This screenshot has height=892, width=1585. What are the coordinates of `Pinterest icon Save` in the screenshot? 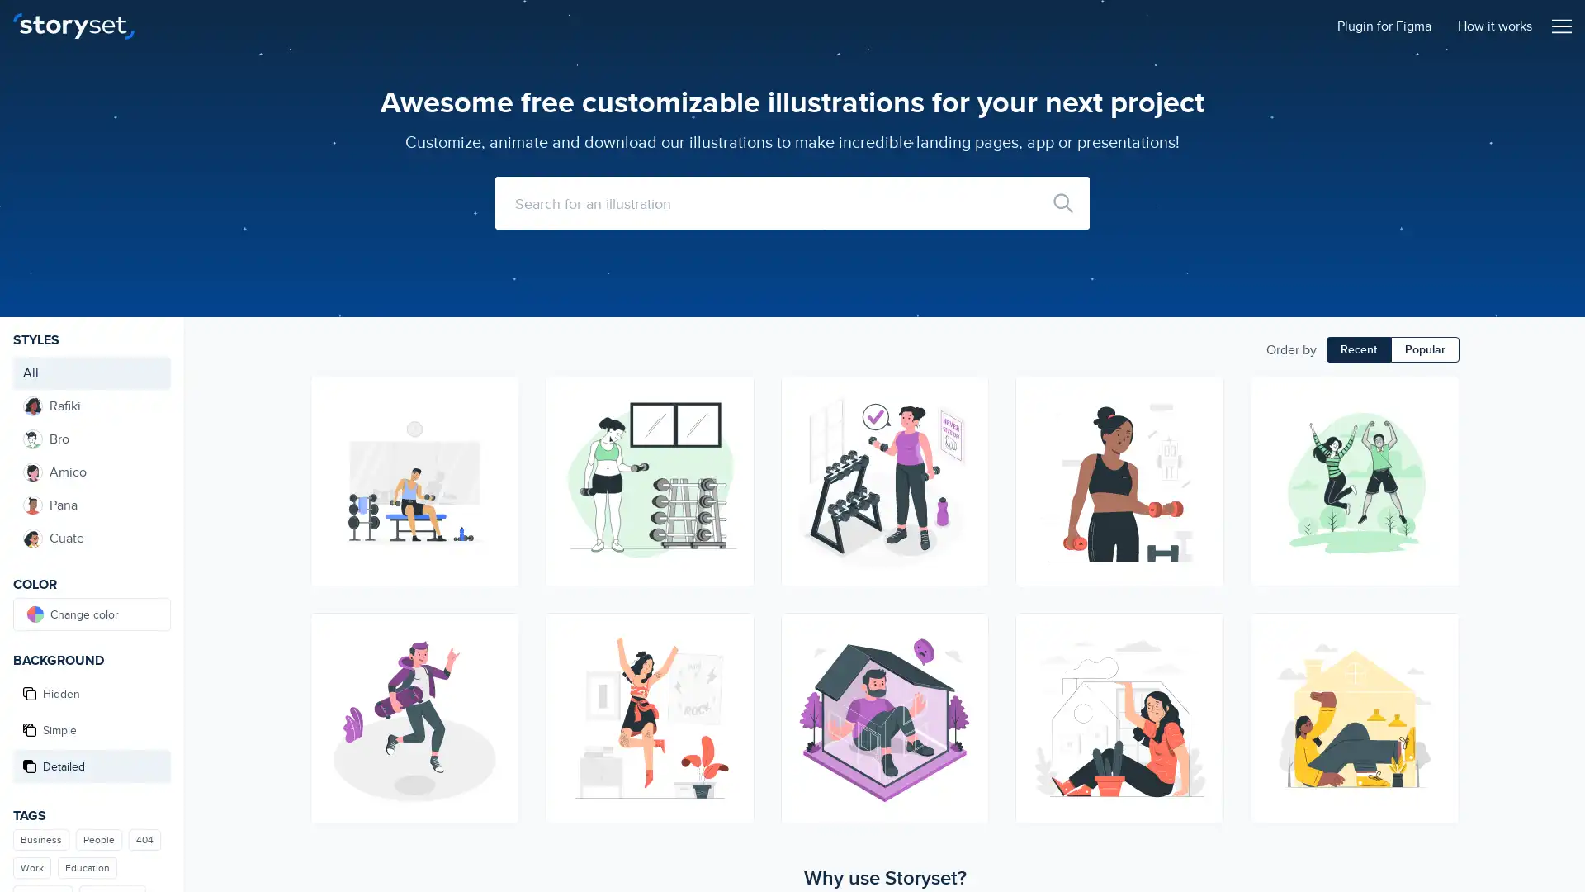 It's located at (497, 455).